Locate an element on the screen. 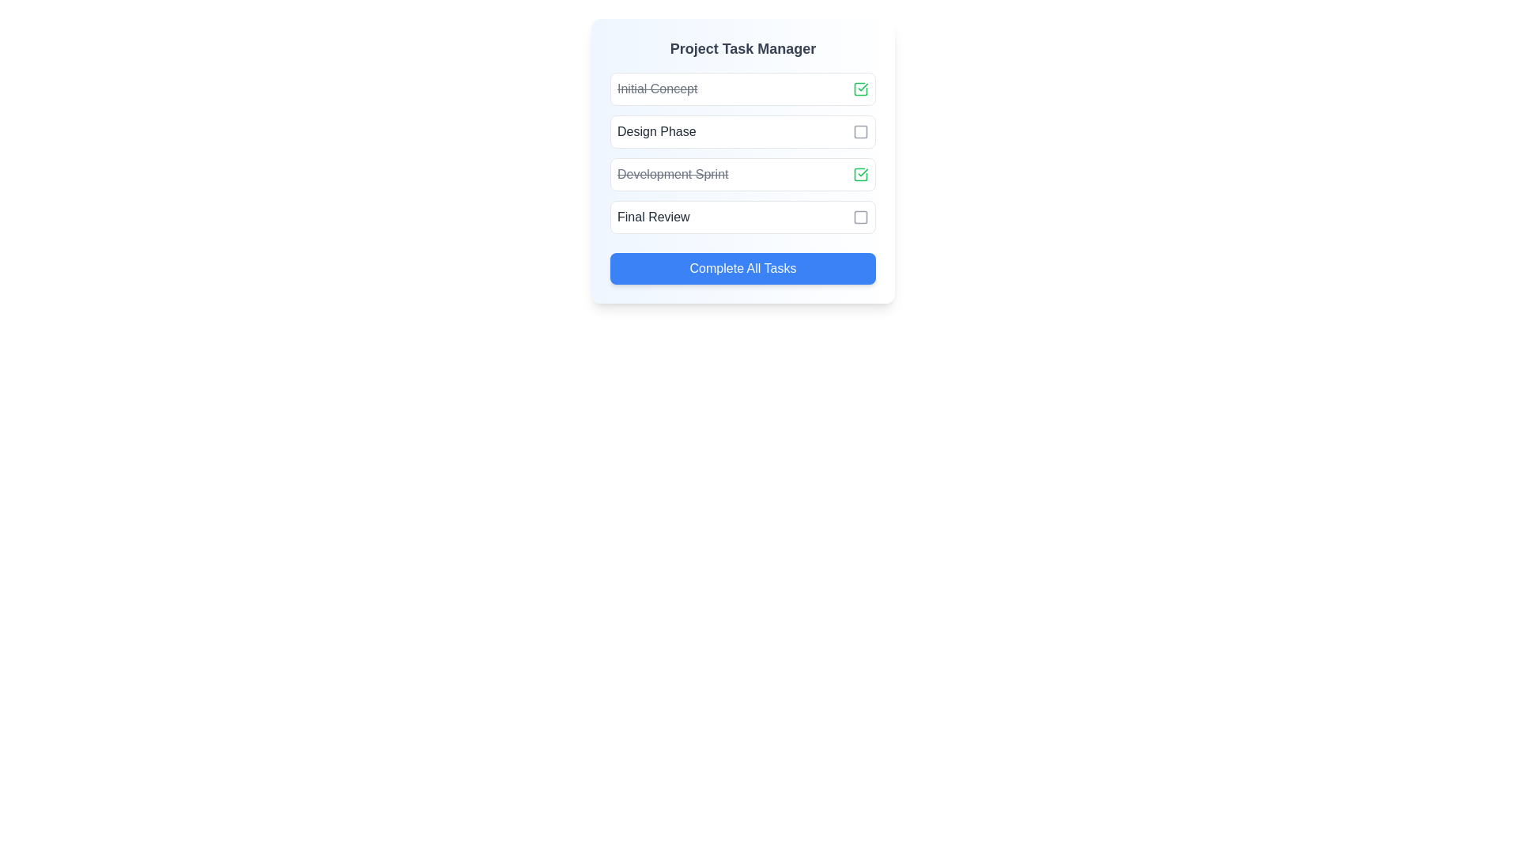  the square Checkbox or task marker icon located to the right of the 'Design Phase' text is located at coordinates (860, 130).